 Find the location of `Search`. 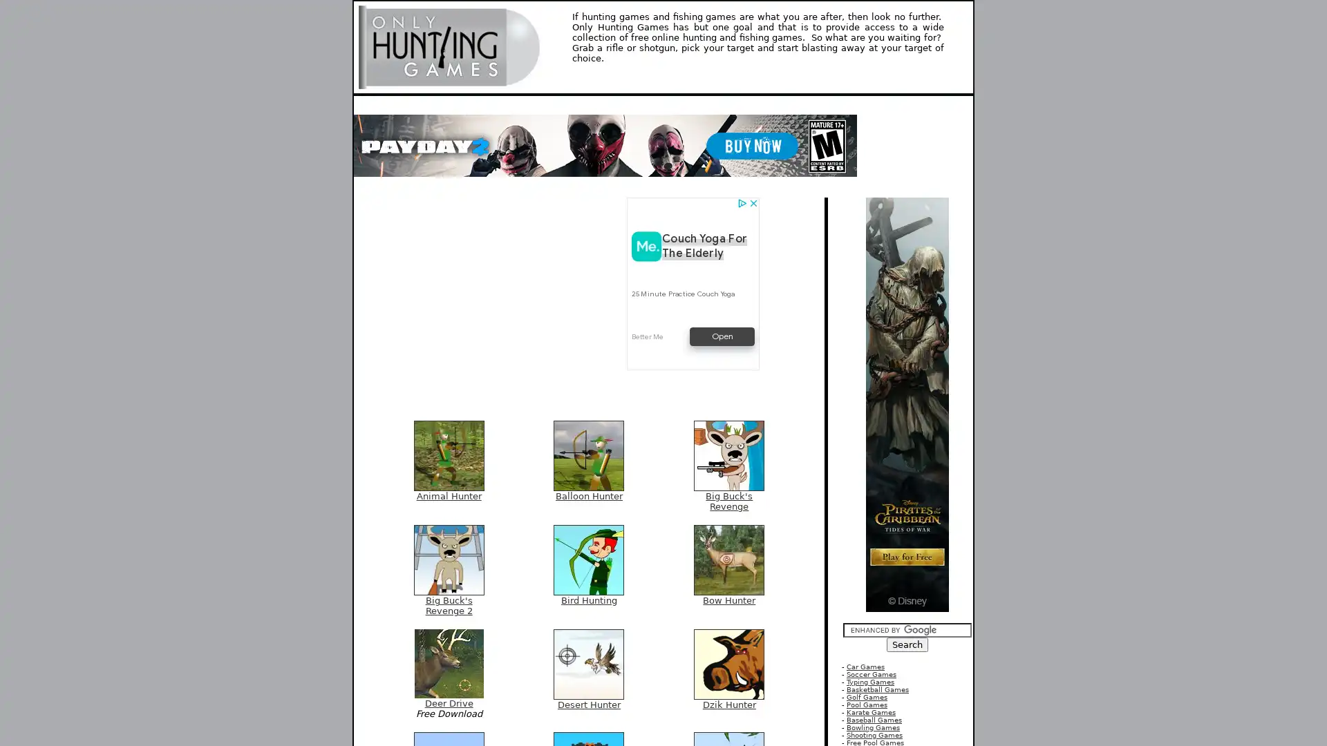

Search is located at coordinates (907, 644).